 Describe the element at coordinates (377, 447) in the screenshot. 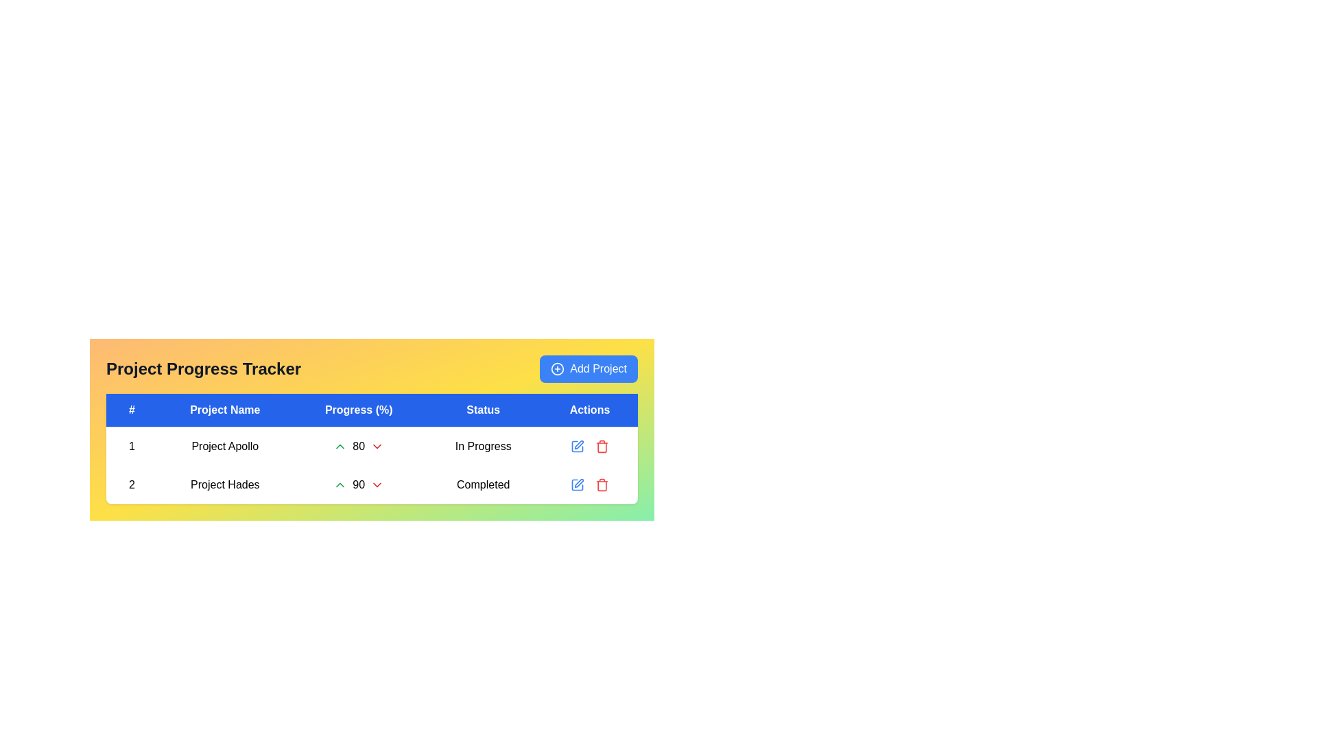

I see `the red chevron-down SVG icon next to the numeric value '80' in the 'Progress (%)' column for 'Project Apollo' to interact with progress` at that location.